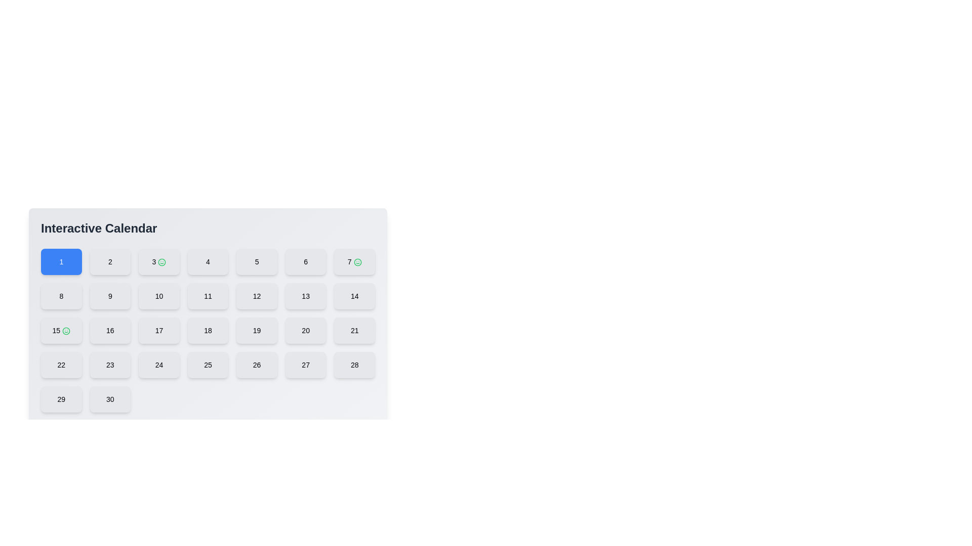 The image size is (972, 546). Describe the element at coordinates (110, 365) in the screenshot. I see `the button labeled '23' which is styled with a gray background and located in the fourth row and third column of the calendar grid` at that location.